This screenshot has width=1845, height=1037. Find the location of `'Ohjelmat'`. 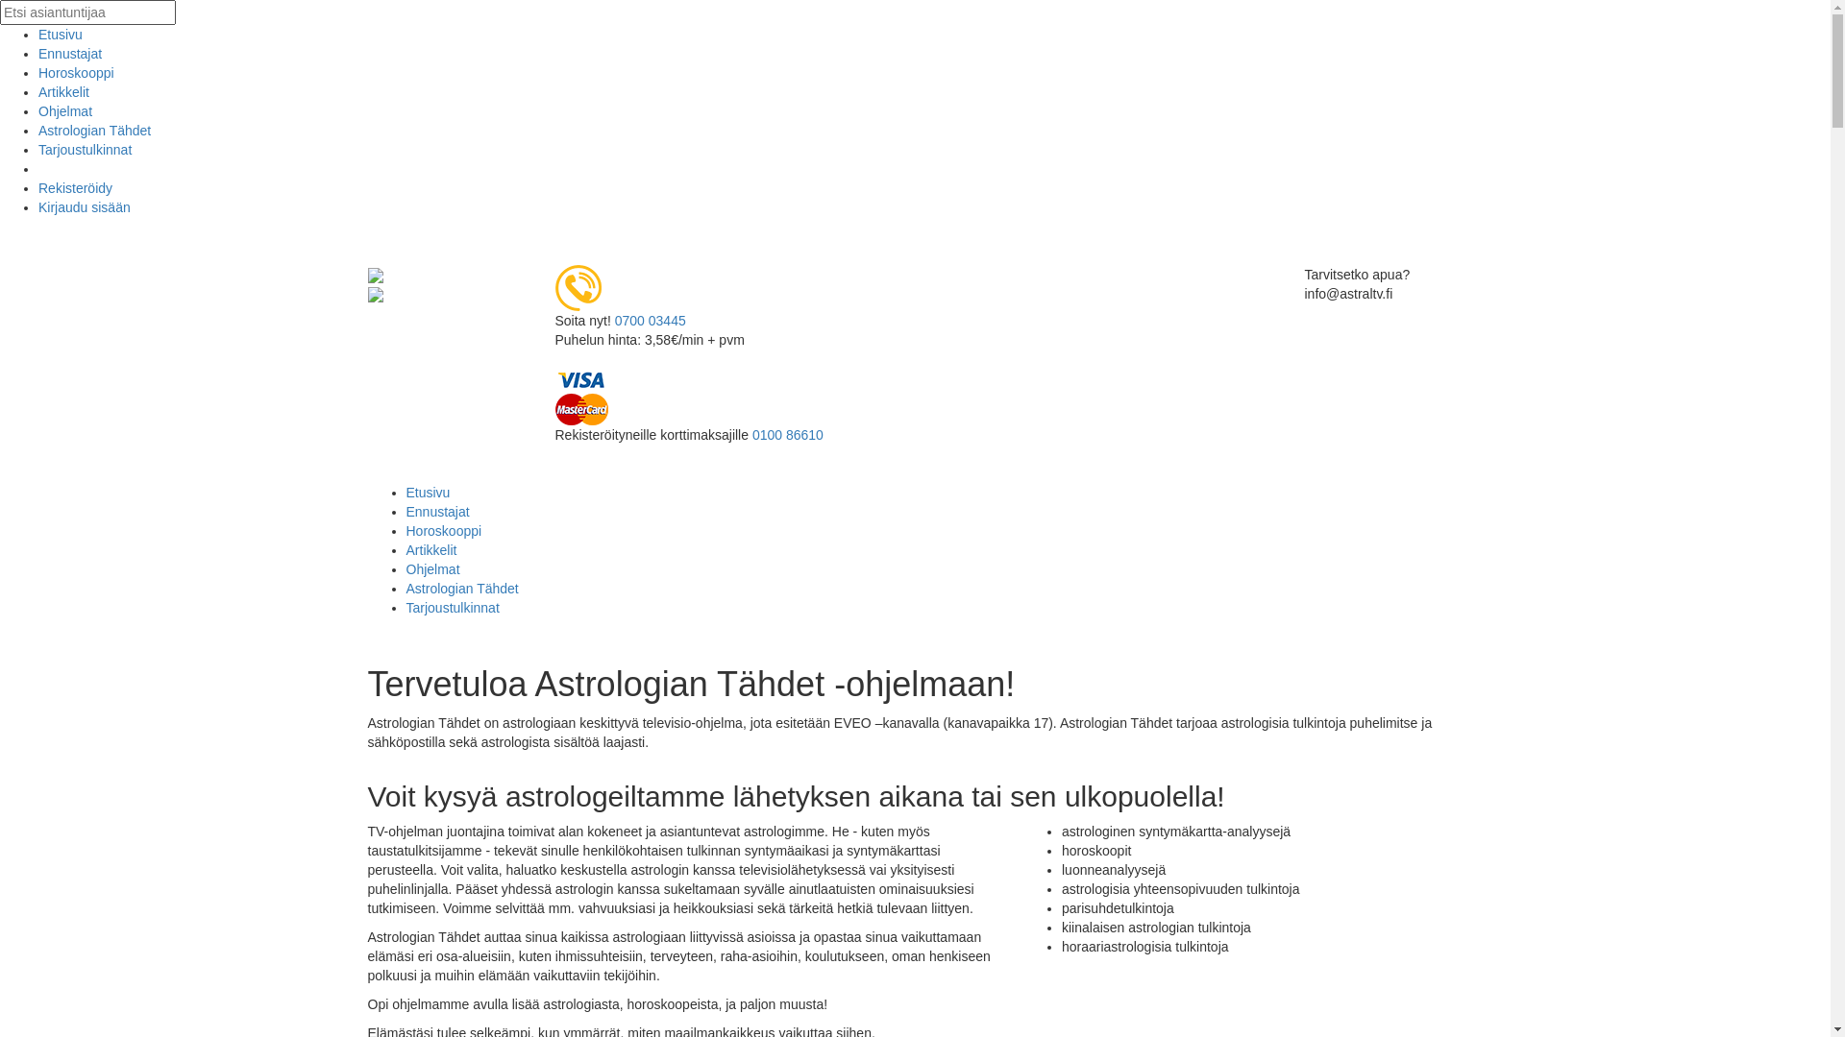

'Ohjelmat' is located at coordinates (37, 110).